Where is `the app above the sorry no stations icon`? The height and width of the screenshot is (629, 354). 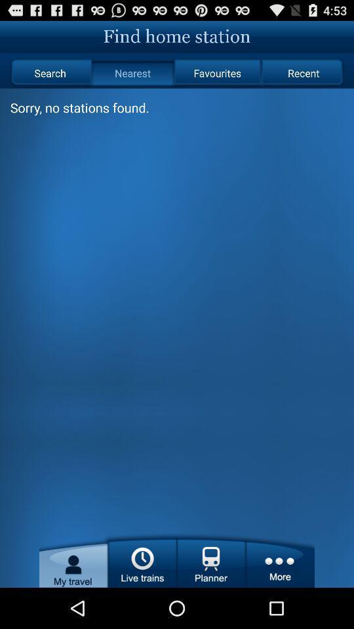 the app above the sorry no stations icon is located at coordinates (49, 73).